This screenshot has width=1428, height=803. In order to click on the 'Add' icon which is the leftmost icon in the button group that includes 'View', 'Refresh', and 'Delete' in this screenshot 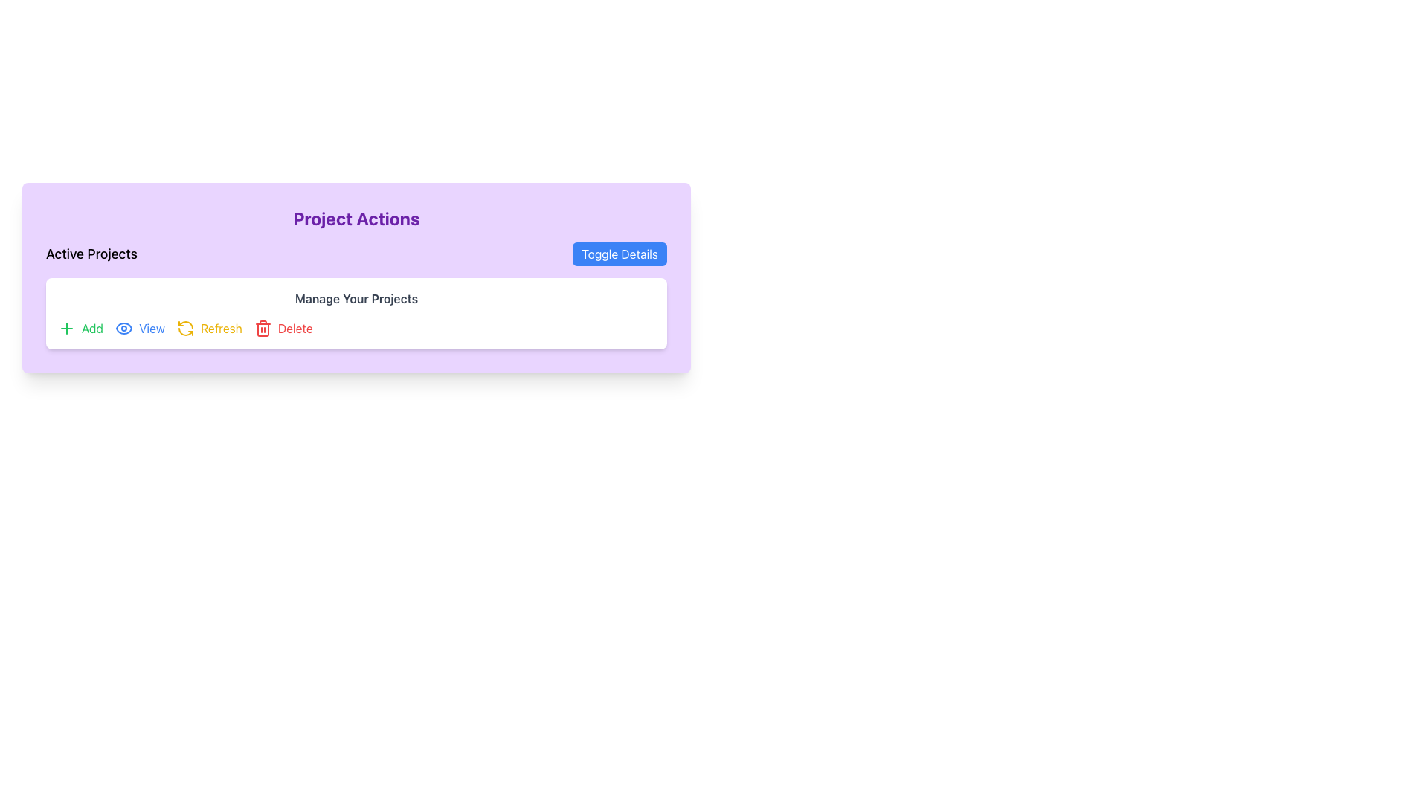, I will do `click(66, 328)`.